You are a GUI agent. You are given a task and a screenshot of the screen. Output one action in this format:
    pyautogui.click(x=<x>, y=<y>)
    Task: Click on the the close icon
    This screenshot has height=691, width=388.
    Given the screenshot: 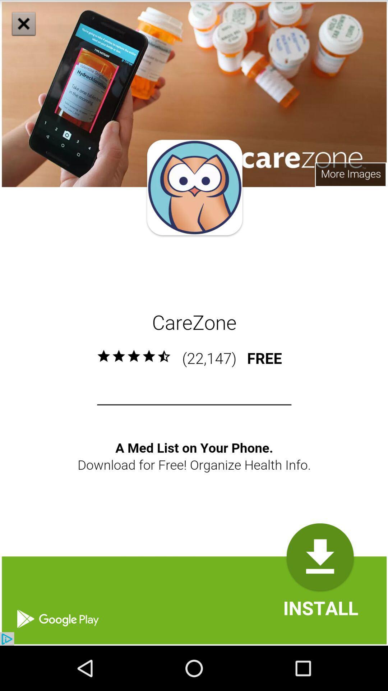 What is the action you would take?
    pyautogui.click(x=23, y=25)
    